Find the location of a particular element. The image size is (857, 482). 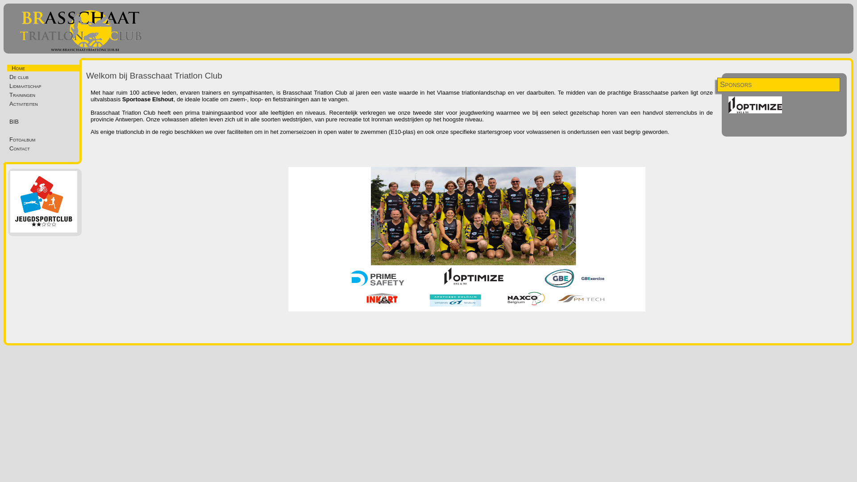

'Activiteiten' is located at coordinates (45, 103).